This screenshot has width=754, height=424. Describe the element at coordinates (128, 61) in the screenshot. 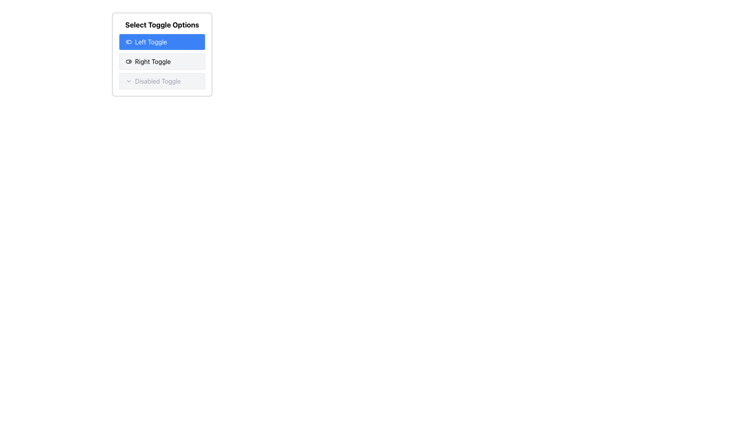

I see `the toggle switch icon located on the right side of the 'Right Toggle' button` at that location.